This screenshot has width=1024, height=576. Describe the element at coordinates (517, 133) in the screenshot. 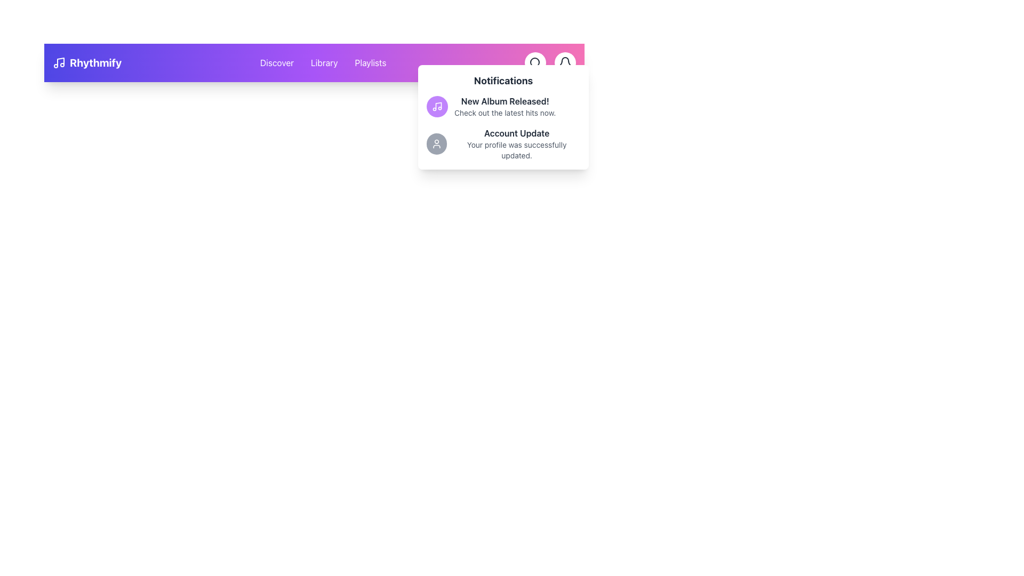

I see `the header text label in the notification dropdown that indicates the type of update or alert, located above the text 'Your profile was successfully updated.'` at that location.